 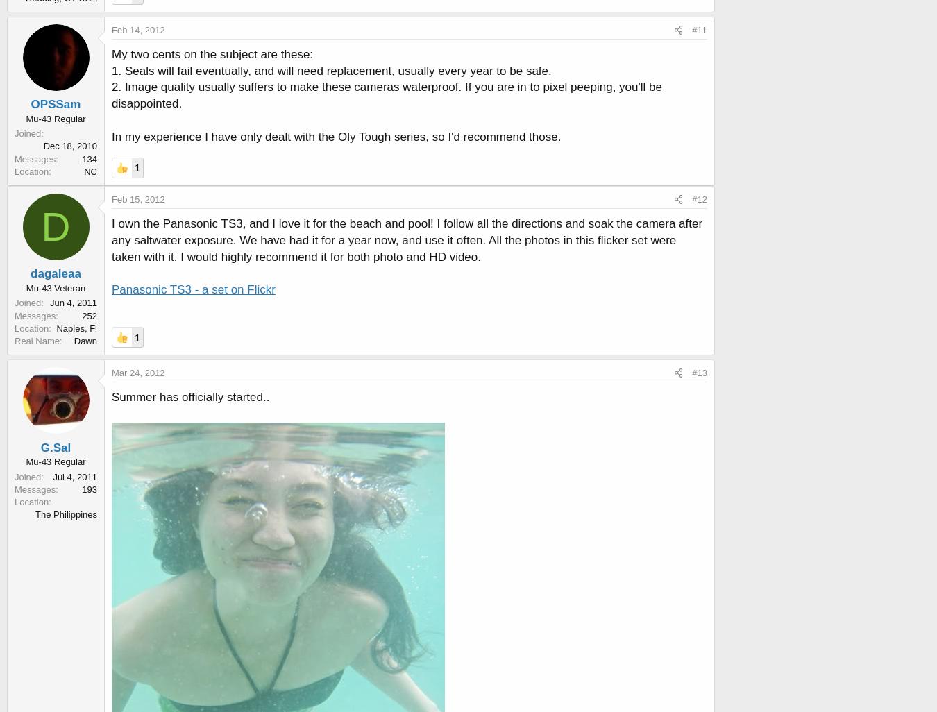 I want to click on 'In my experience I have only dealt with the Oly Tough series, so I'd recommend those.', so click(x=335, y=135).